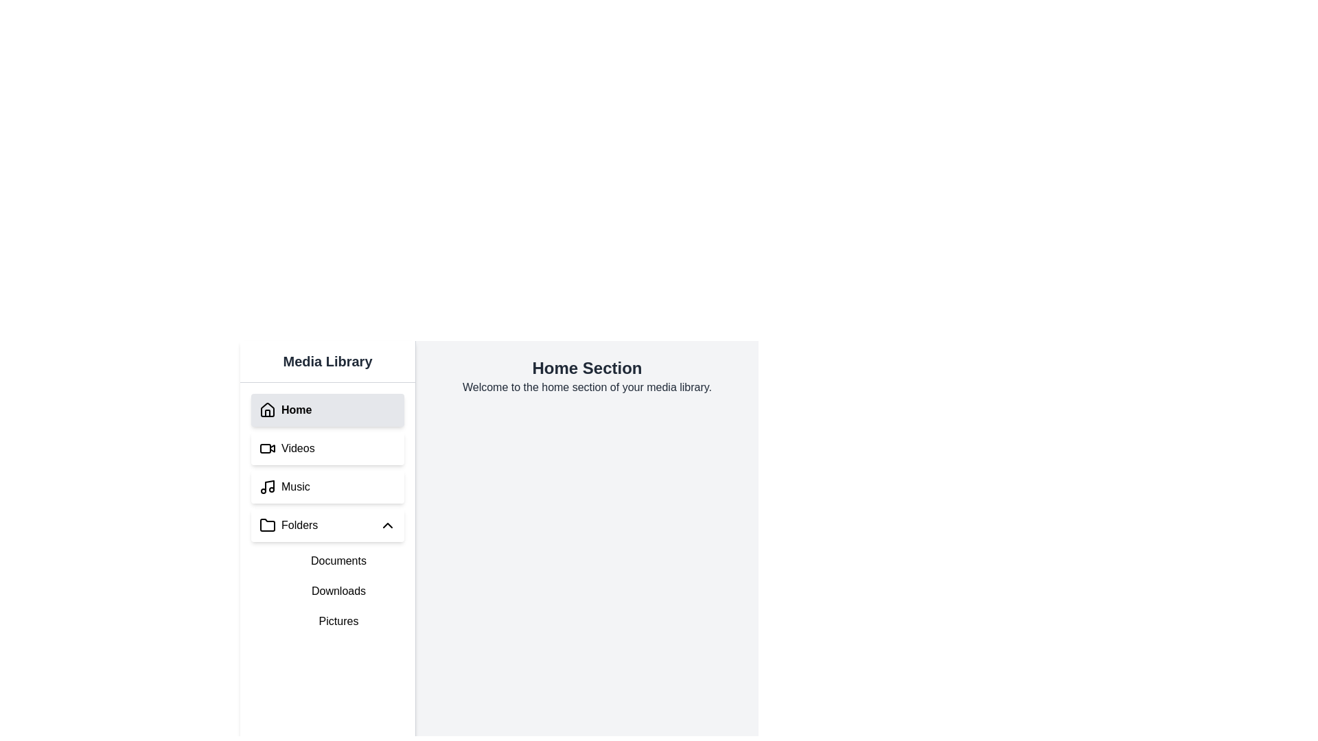 The height and width of the screenshot is (741, 1318). I want to click on the Navigation button labeled 'Folders', which features a folder icon and is located, so click(288, 525).